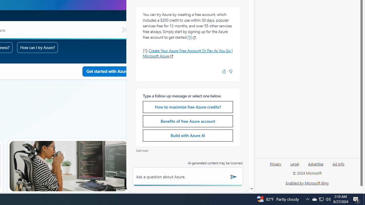 This screenshot has height=205, width=365. Describe the element at coordinates (275, 163) in the screenshot. I see `'Privacy'` at that location.